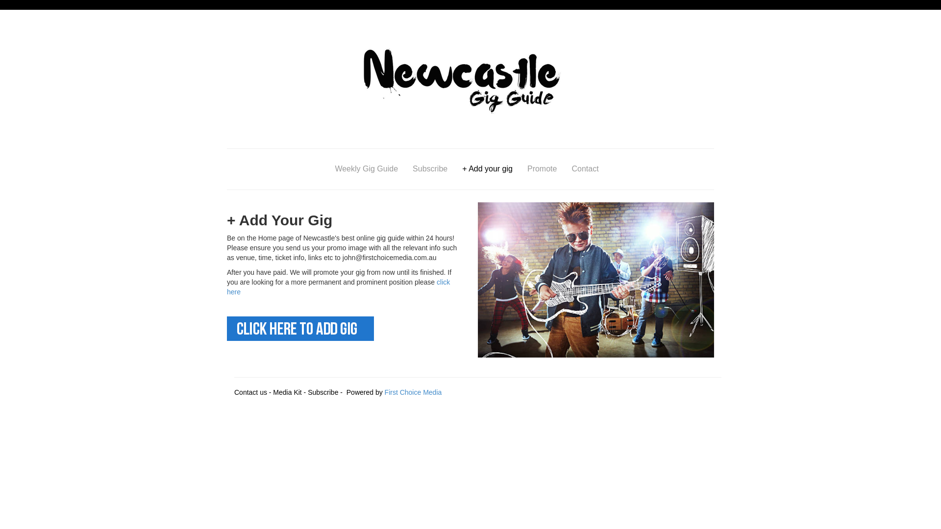  What do you see at coordinates (585, 168) in the screenshot?
I see `'Contact'` at bounding box center [585, 168].